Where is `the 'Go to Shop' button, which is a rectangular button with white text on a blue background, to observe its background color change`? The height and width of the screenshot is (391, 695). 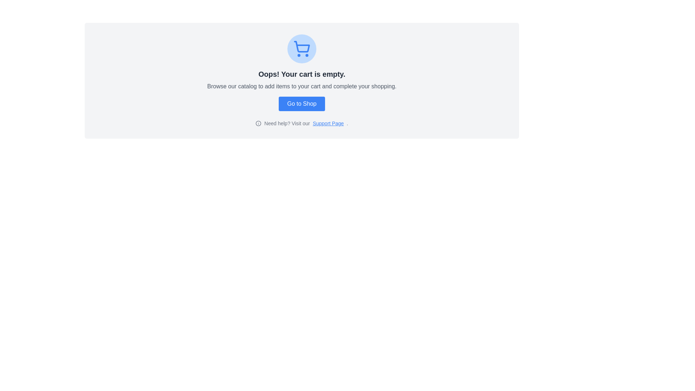
the 'Go to Shop' button, which is a rectangular button with white text on a blue background, to observe its background color change is located at coordinates (302, 104).